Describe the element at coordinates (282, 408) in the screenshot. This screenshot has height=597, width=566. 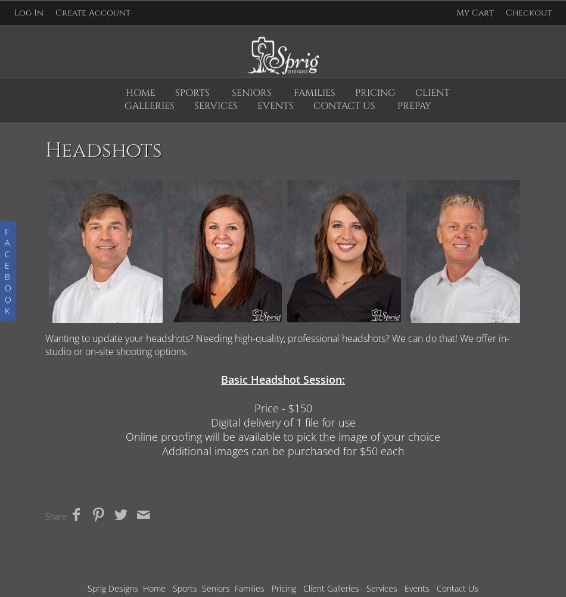
I see `'Price - $150'` at that location.